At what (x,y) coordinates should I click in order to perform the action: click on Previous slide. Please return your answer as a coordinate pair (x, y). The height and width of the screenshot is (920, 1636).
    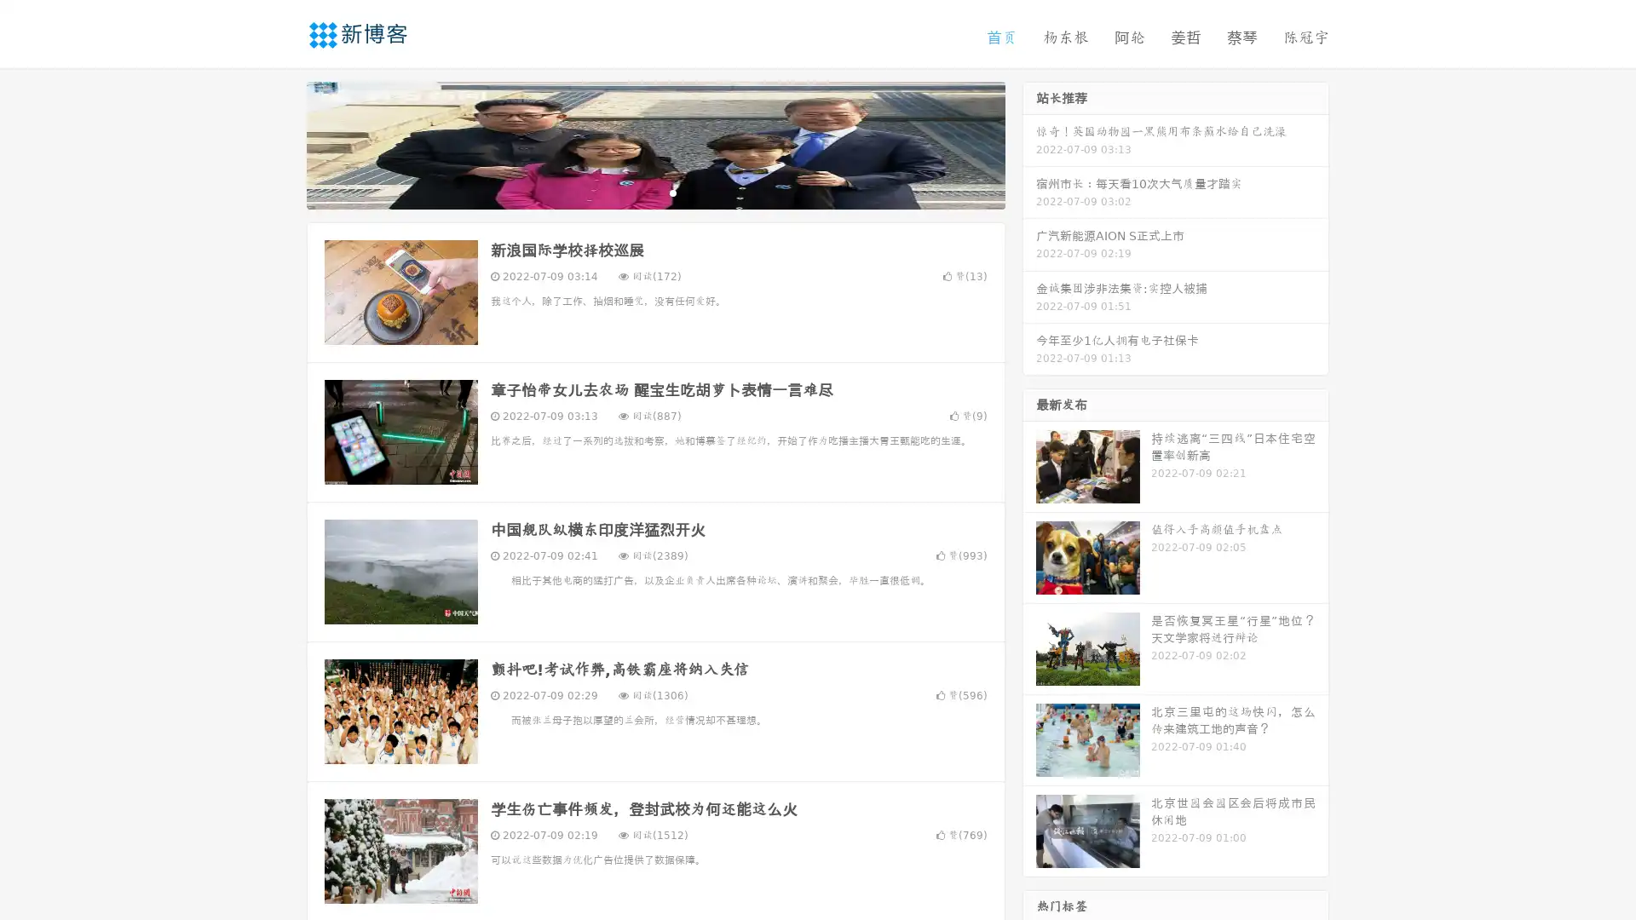
    Looking at the image, I should click on (281, 143).